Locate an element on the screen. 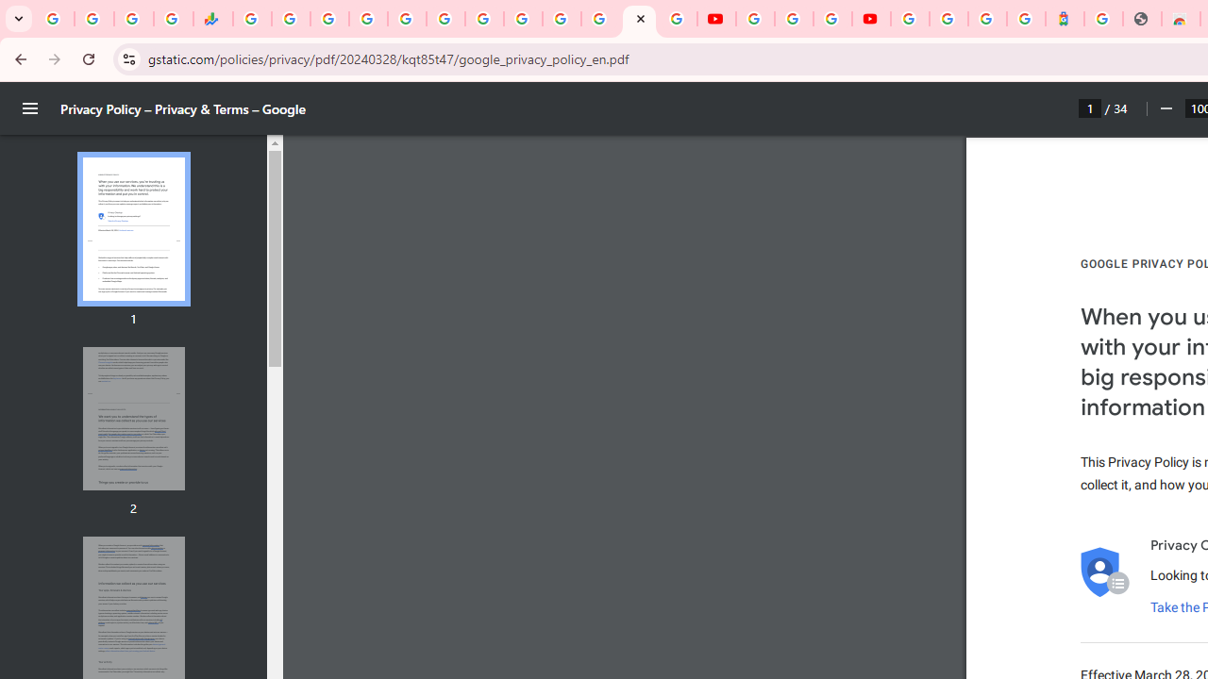 This screenshot has width=1208, height=679. 'Thumbnail for page 2' is located at coordinates (132, 418).